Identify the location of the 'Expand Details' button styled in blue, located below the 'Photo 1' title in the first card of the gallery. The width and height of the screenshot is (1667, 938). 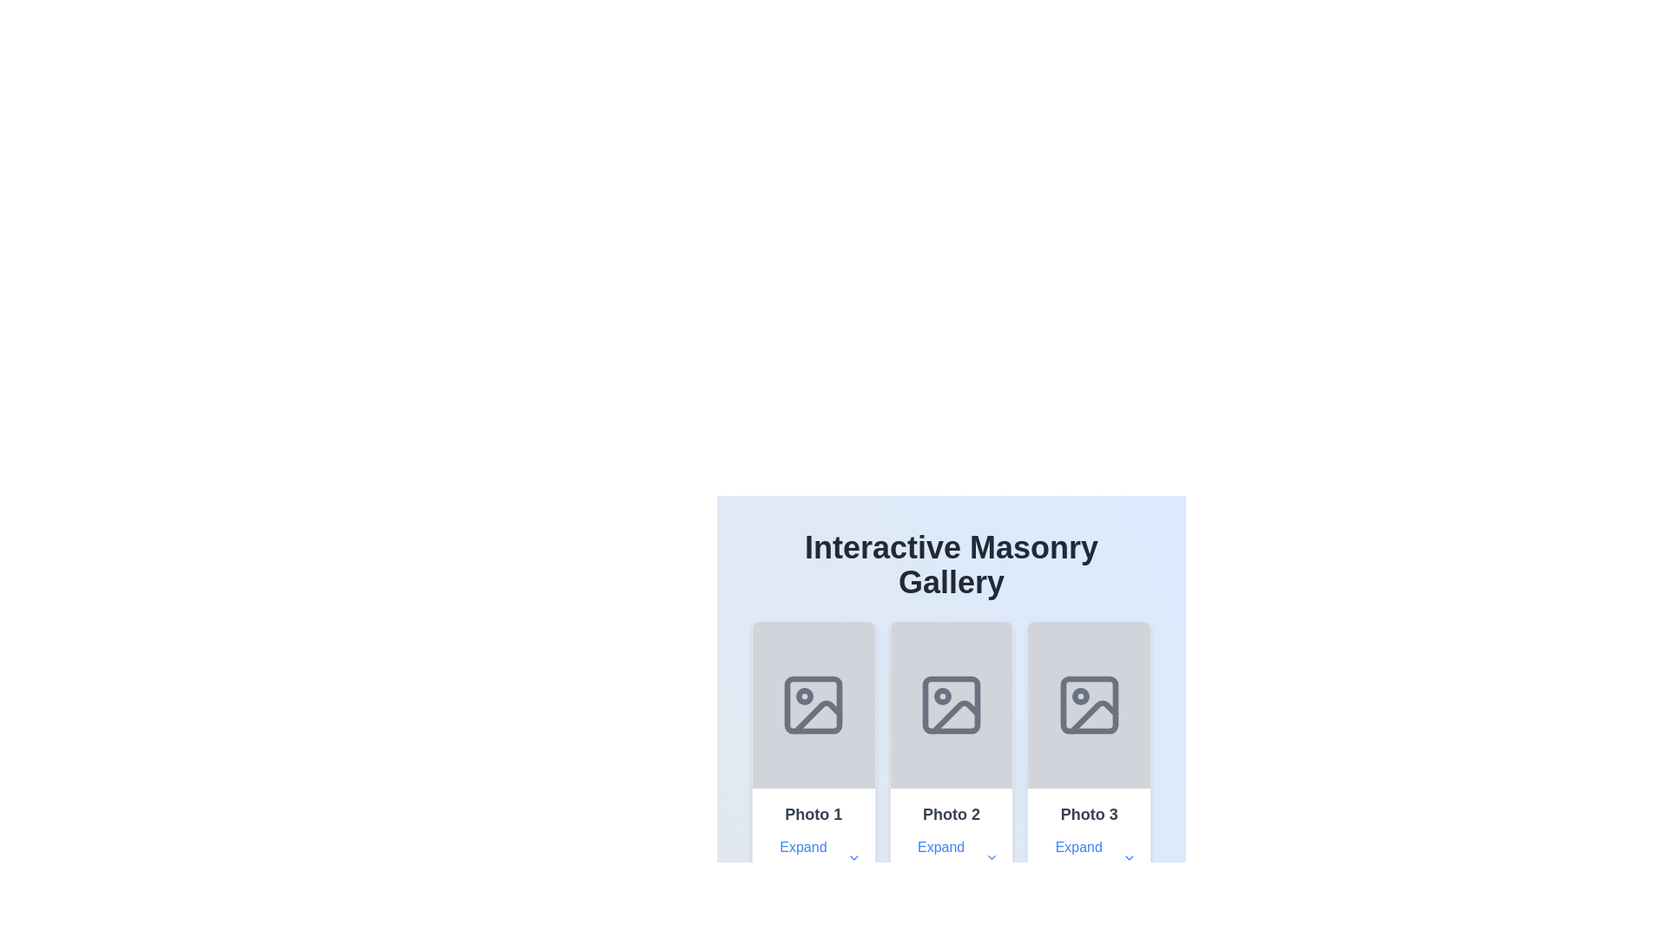
(813, 856).